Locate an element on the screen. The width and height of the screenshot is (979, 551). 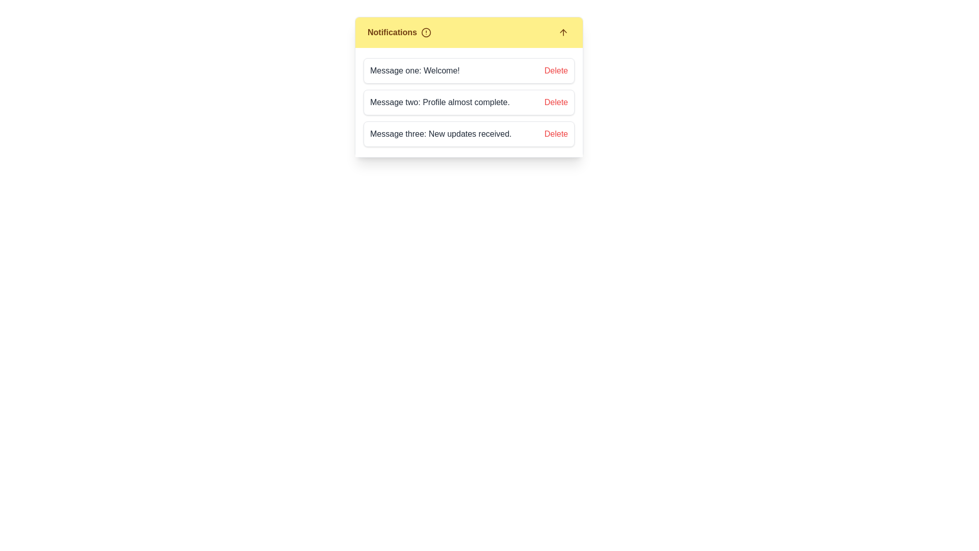
the red 'Delete' button located at the rightmost end of the notification item titled 'Message one: Welcome!' is located at coordinates (555, 70).